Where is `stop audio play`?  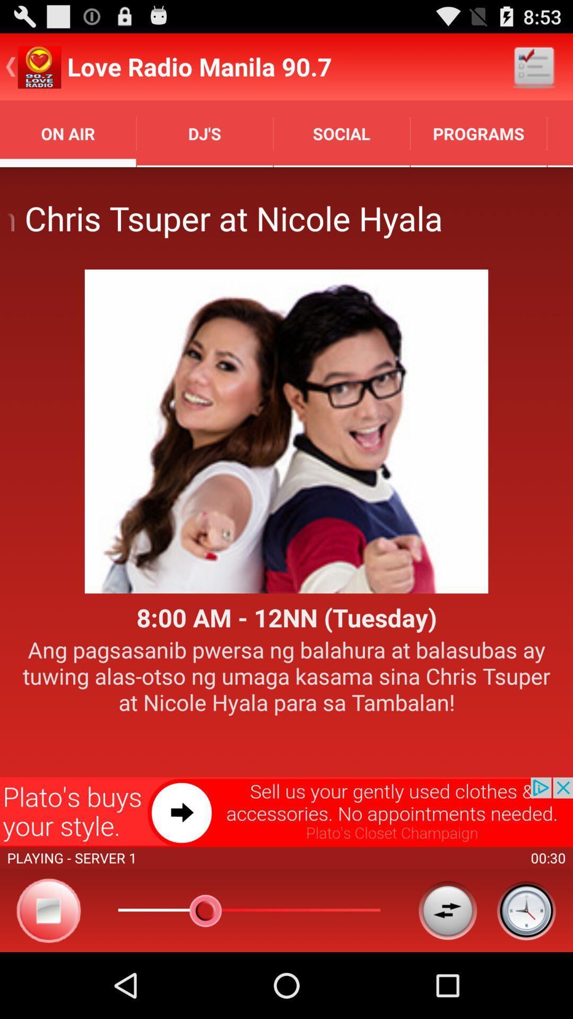
stop audio play is located at coordinates (48, 910).